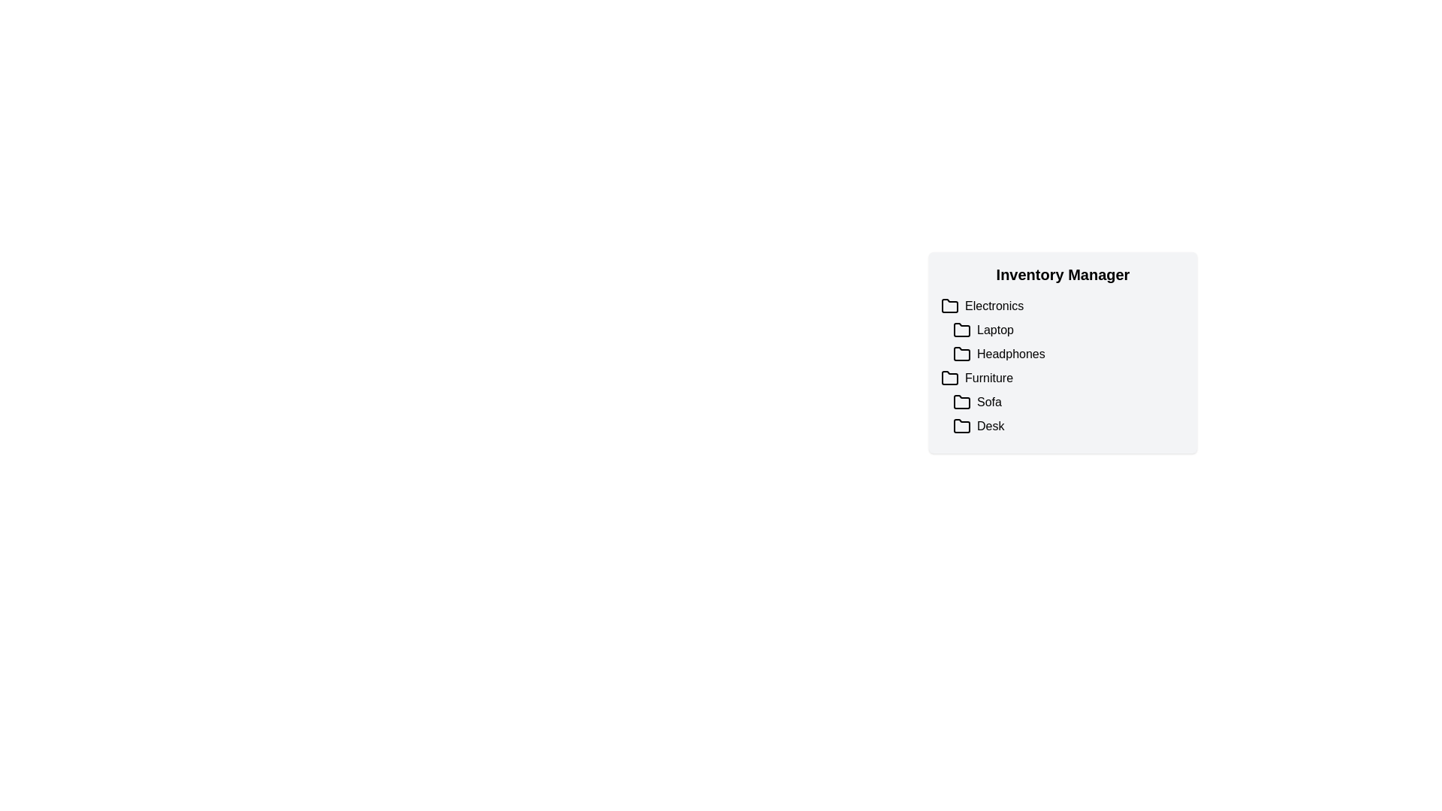 The width and height of the screenshot is (1442, 811). I want to click on the compact folder icon that is outlined and located to the left of the text label 'Sofa', so click(962, 402).